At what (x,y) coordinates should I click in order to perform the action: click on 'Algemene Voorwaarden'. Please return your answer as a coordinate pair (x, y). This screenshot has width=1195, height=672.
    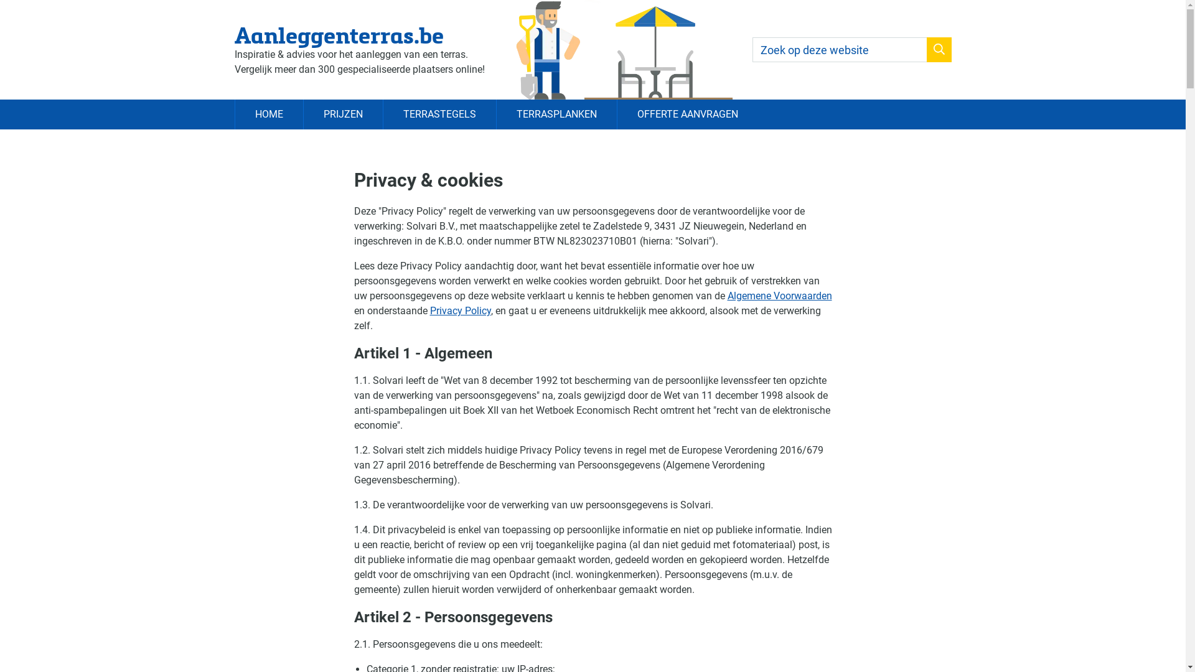
    Looking at the image, I should click on (726, 296).